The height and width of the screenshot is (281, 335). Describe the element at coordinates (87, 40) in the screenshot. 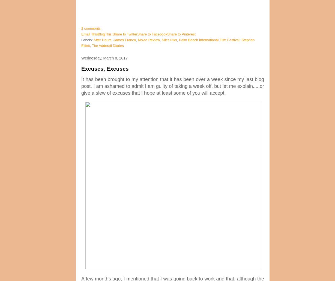

I see `'Labels:'` at that location.